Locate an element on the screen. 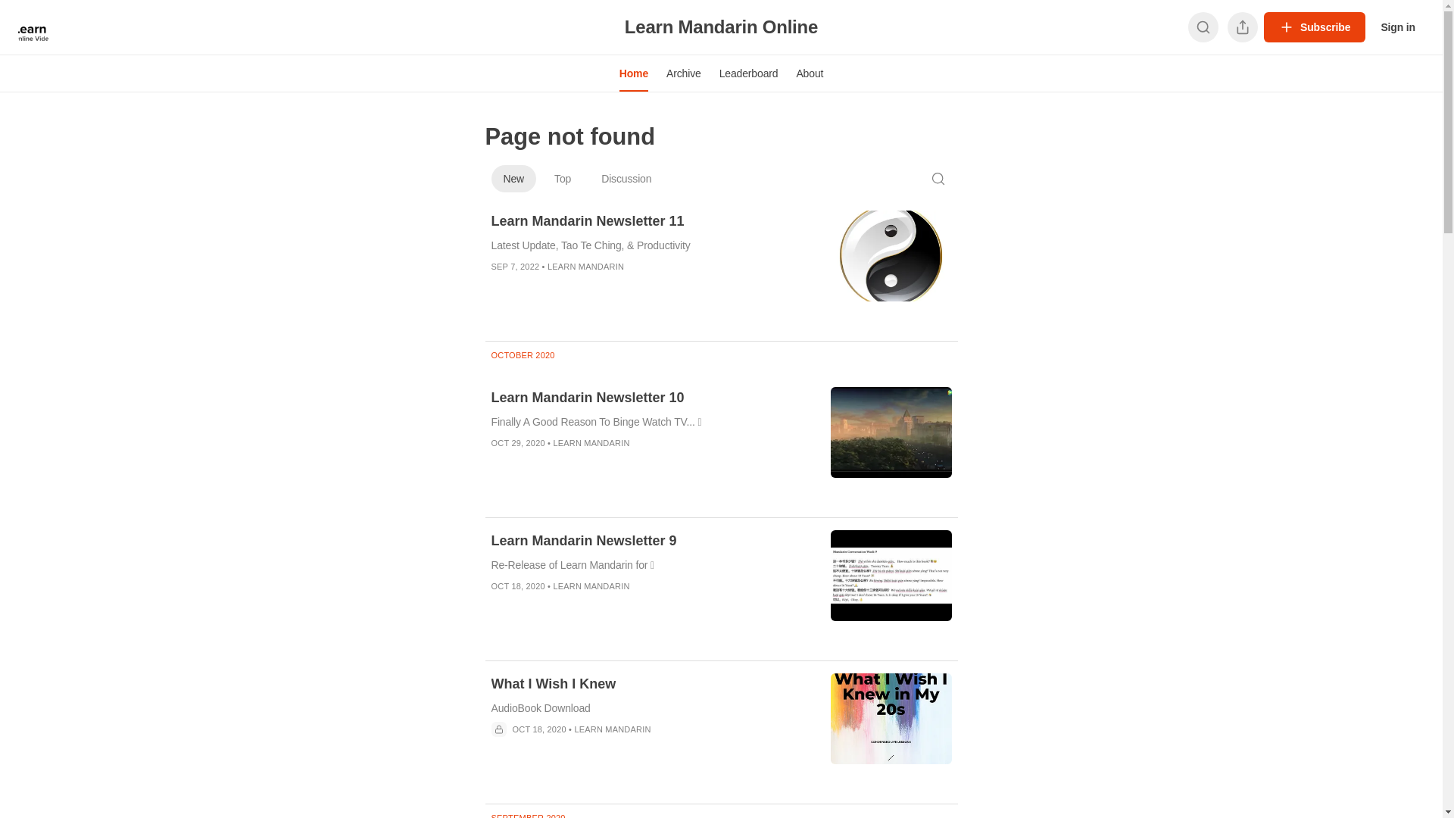 The image size is (1454, 818). 'LEARN MANDARIN' is located at coordinates (590, 585).